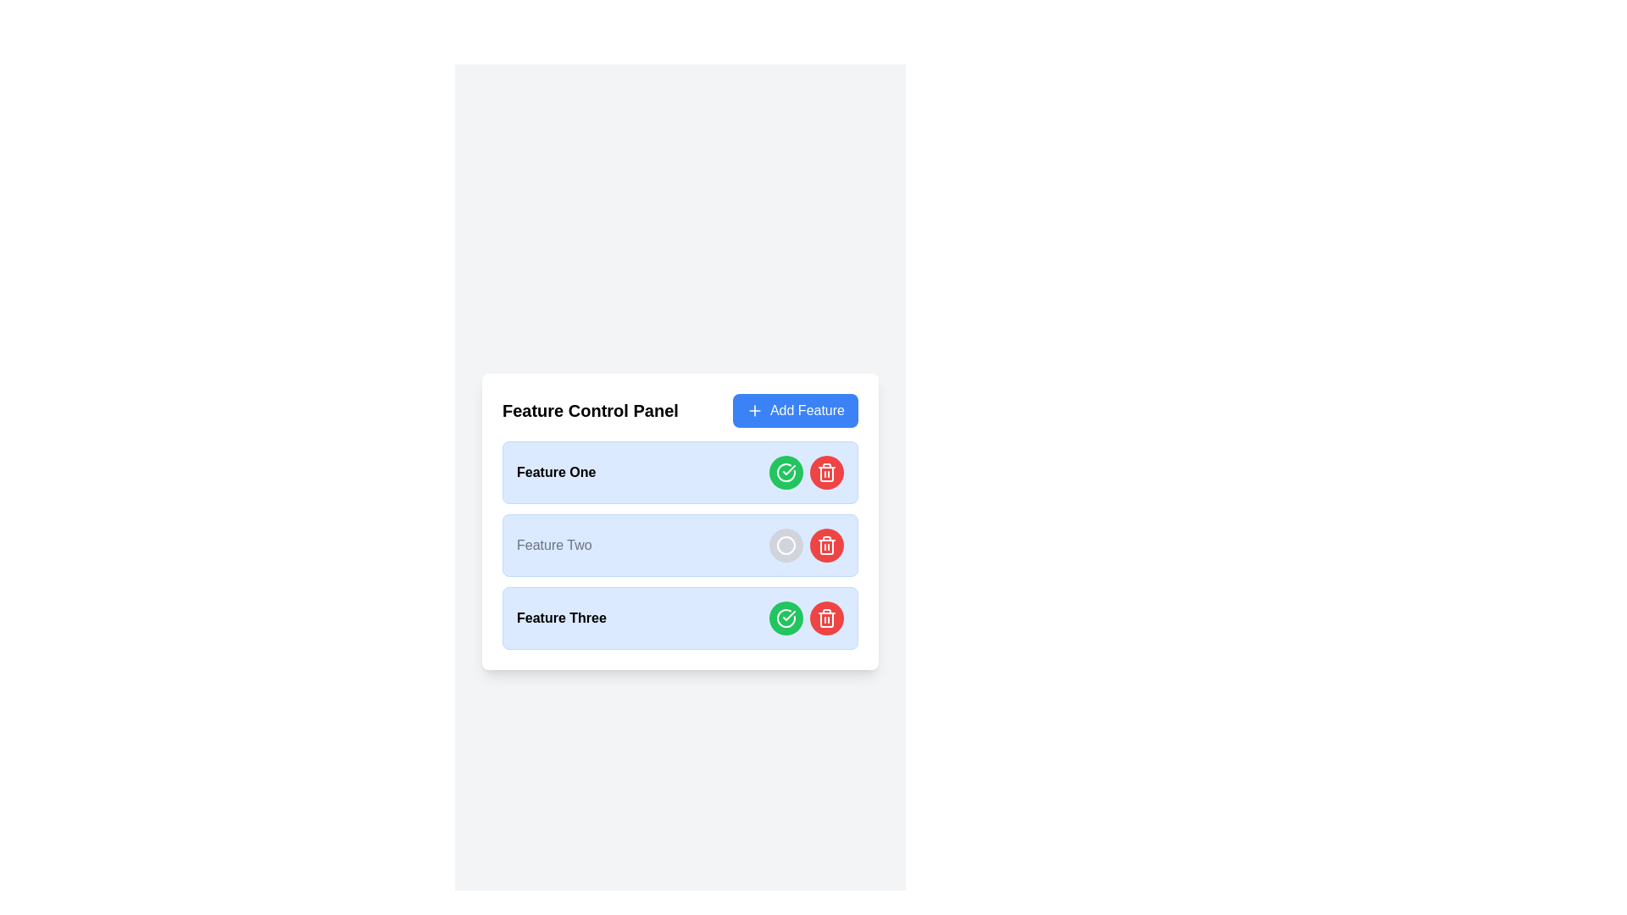 The width and height of the screenshot is (1627, 915). What do you see at coordinates (788, 470) in the screenshot?
I see `the checkmark icon in the 'Feature Three' row, which indicates confirmation or success status, located to the immediate left of the red delete button` at bounding box center [788, 470].